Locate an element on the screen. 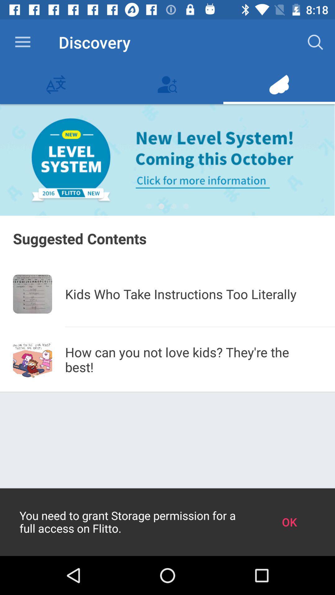 This screenshot has height=595, width=335. icon above the how can you item is located at coordinates (200, 326).